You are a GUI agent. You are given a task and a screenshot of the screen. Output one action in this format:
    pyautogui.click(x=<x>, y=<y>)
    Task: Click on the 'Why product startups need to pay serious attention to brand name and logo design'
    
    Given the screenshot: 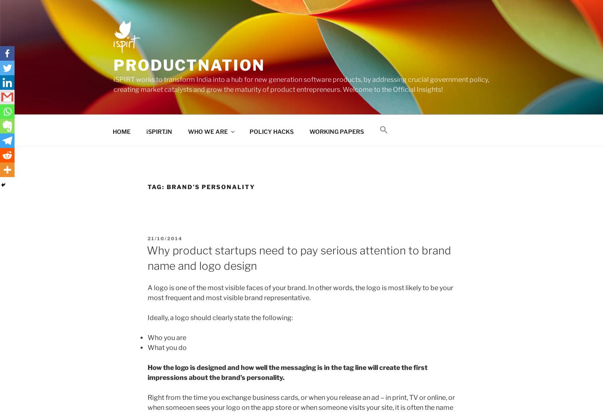 What is the action you would take?
    pyautogui.click(x=299, y=258)
    